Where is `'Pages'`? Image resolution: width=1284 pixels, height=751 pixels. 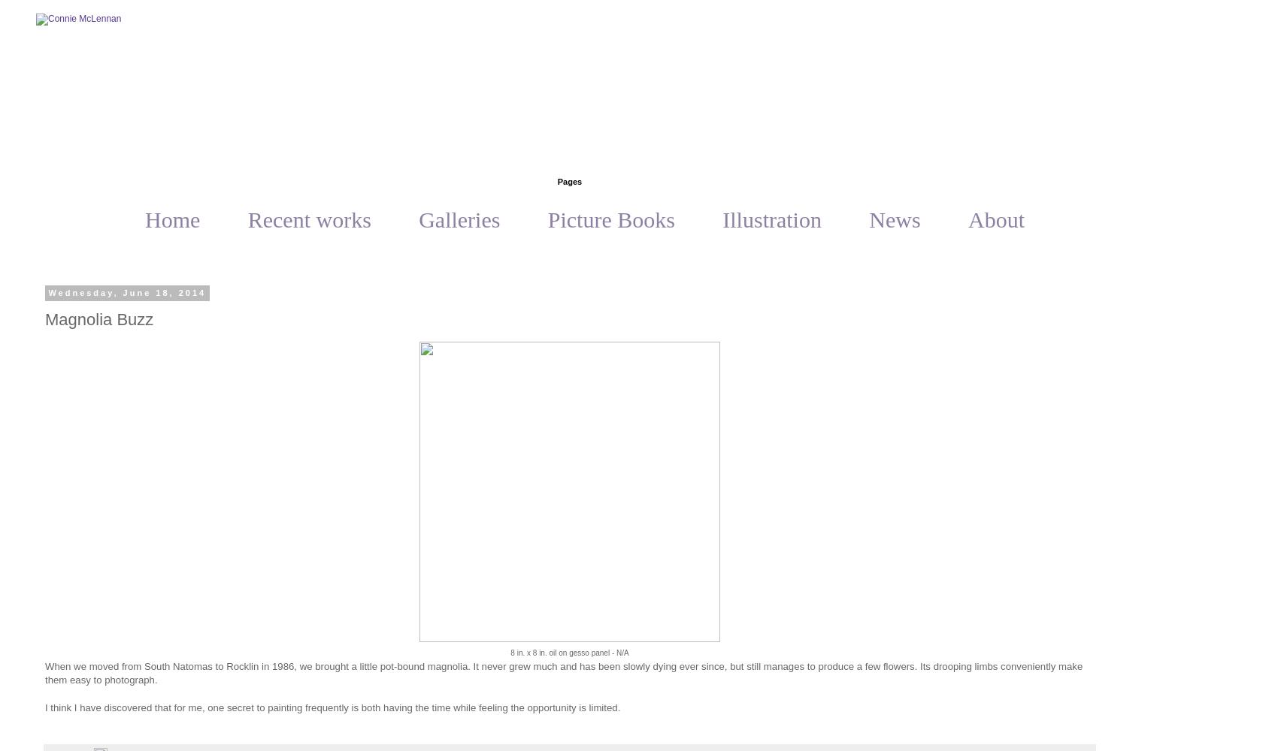 'Pages' is located at coordinates (569, 181).